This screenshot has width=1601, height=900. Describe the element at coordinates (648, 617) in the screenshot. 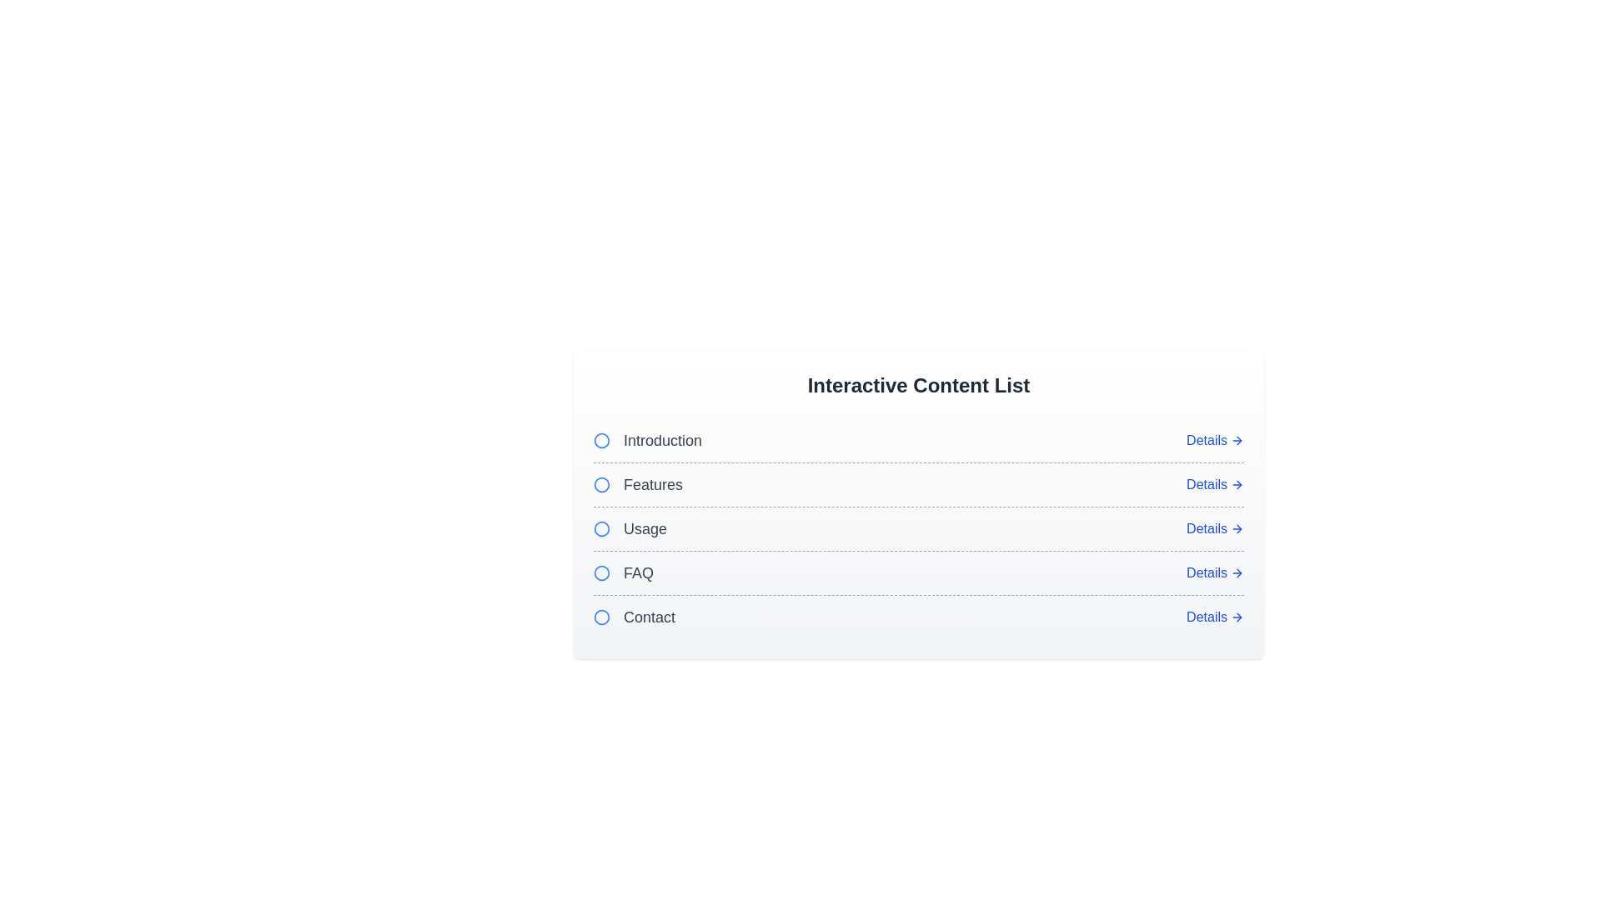

I see `the 'Contact' text label` at that location.